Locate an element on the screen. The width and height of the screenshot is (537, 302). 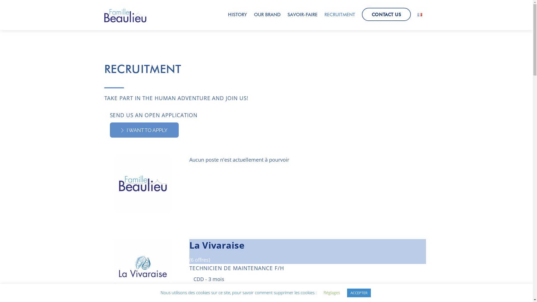
'ACCEPTER' is located at coordinates (359, 292).